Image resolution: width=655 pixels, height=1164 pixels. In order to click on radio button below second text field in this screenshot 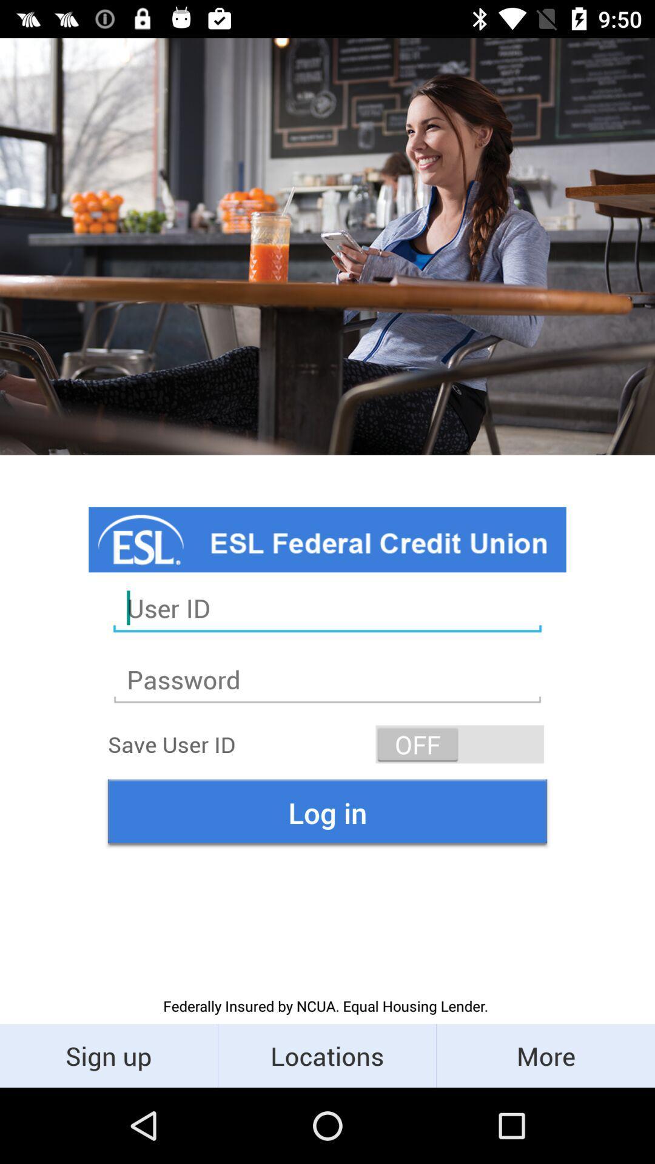, I will do `click(460, 744)`.